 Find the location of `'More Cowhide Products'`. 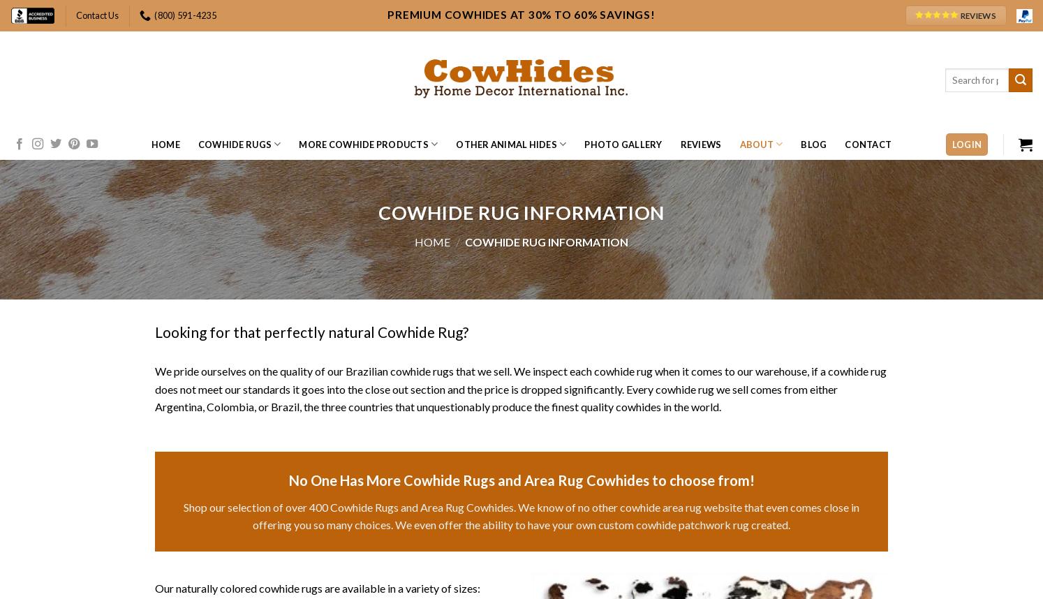

'More Cowhide Products' is located at coordinates (362, 145).